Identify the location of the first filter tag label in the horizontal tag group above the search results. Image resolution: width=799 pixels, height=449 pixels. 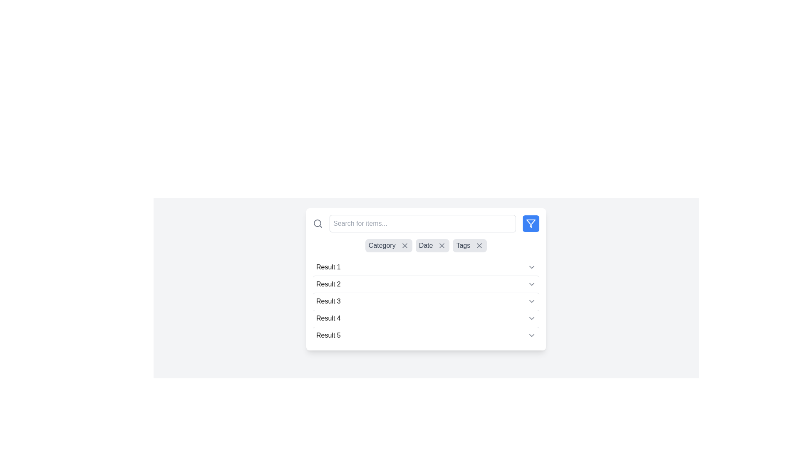
(382, 245).